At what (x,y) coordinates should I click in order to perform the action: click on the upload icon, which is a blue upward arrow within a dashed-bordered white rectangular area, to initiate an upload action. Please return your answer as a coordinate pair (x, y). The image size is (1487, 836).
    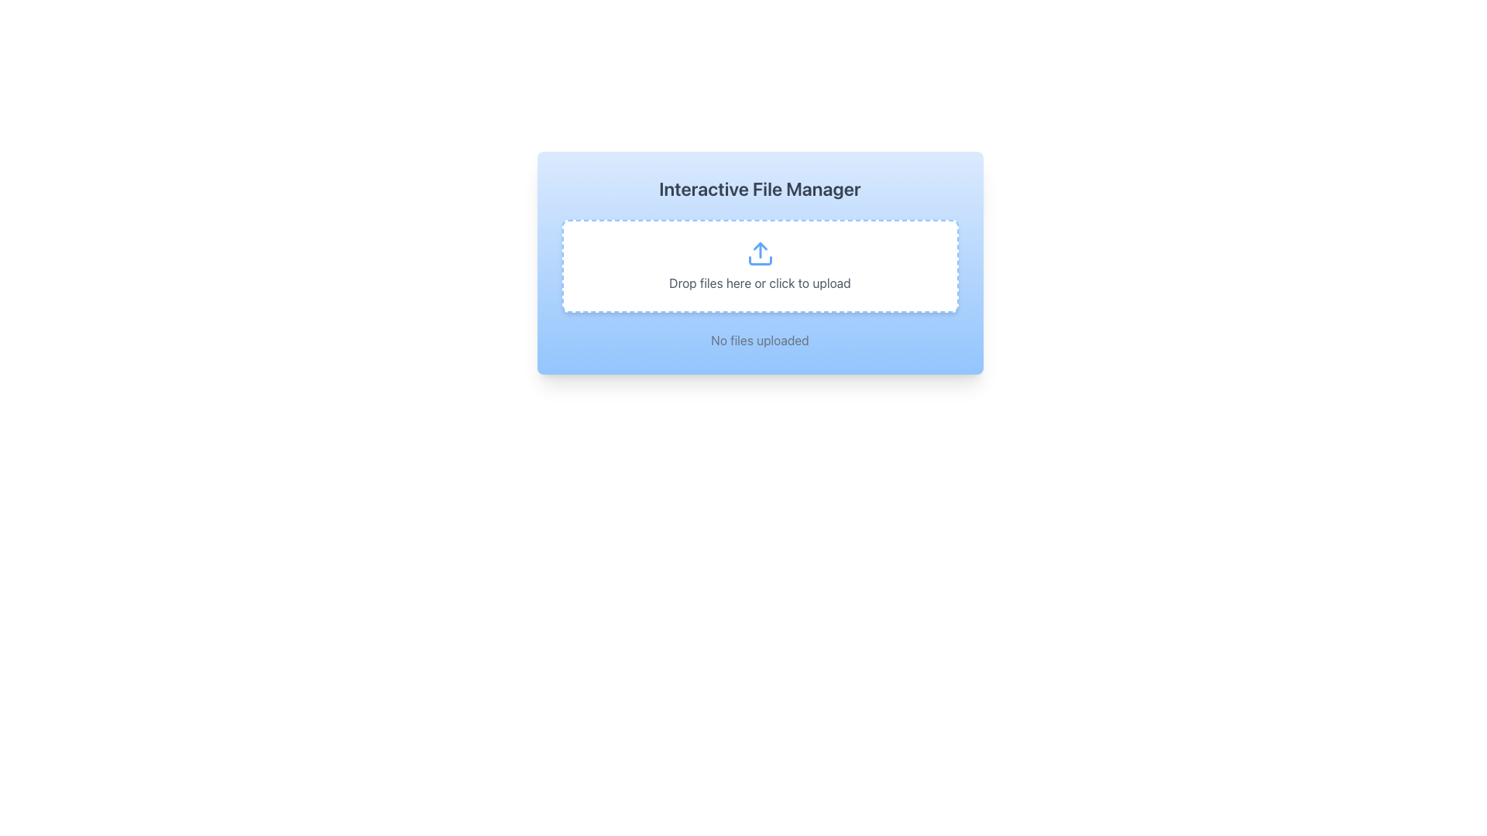
    Looking at the image, I should click on (760, 252).